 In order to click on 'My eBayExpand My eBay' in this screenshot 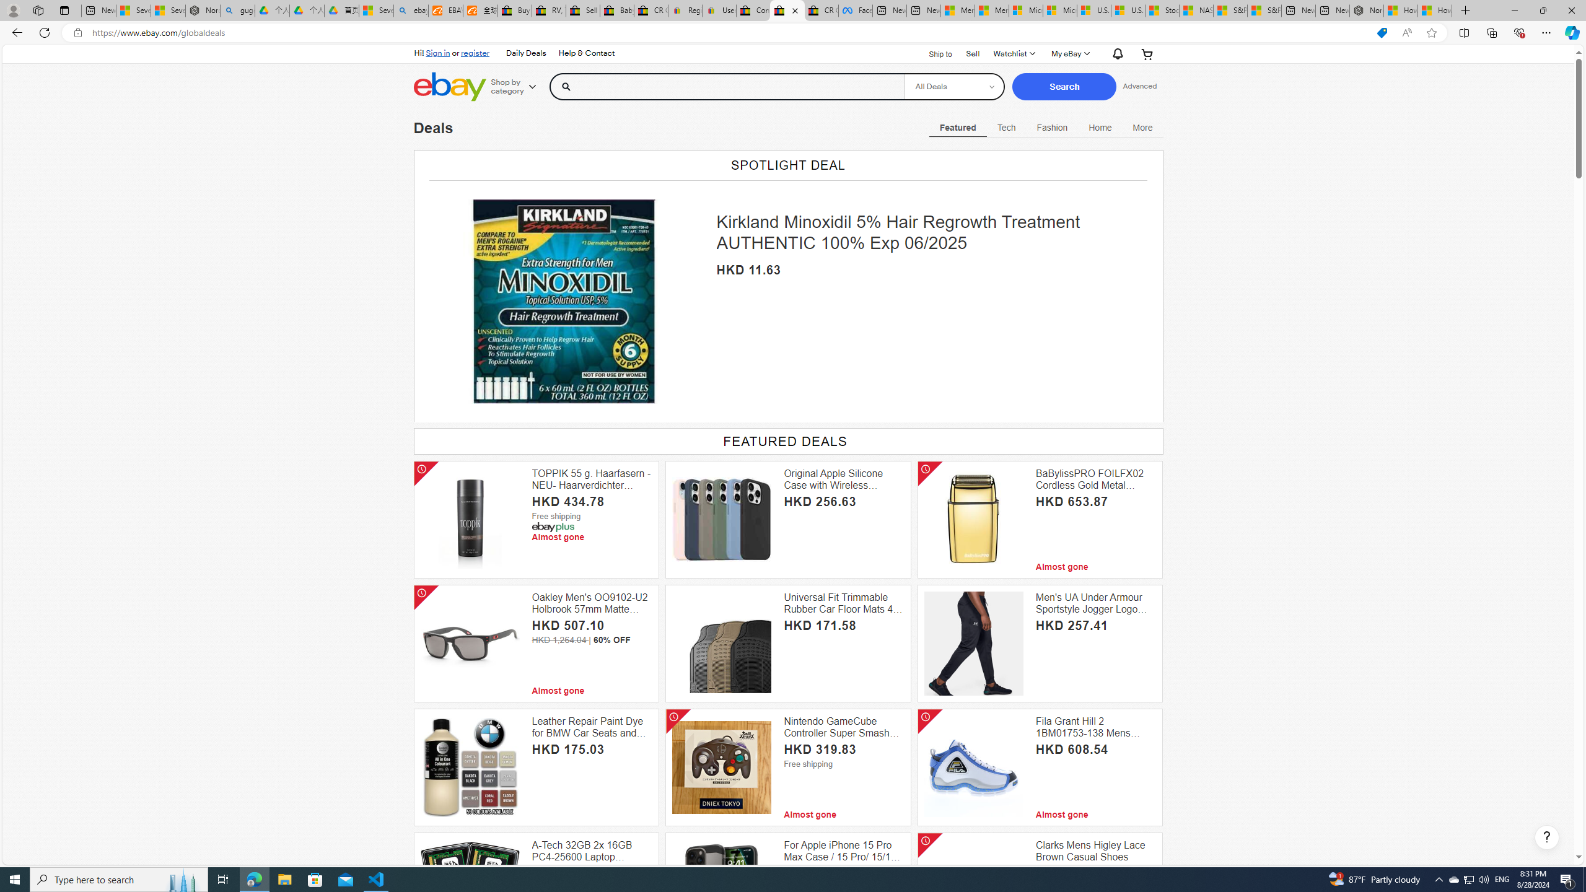, I will do `click(1069, 54)`.